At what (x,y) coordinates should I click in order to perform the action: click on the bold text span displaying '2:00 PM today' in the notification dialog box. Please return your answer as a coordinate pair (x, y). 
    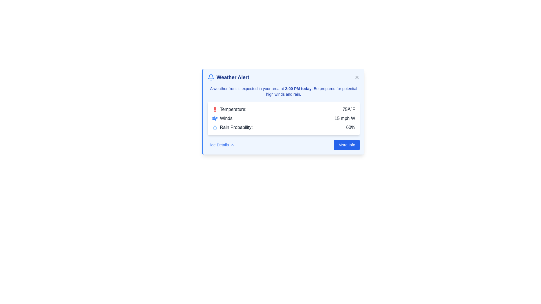
    Looking at the image, I should click on (298, 89).